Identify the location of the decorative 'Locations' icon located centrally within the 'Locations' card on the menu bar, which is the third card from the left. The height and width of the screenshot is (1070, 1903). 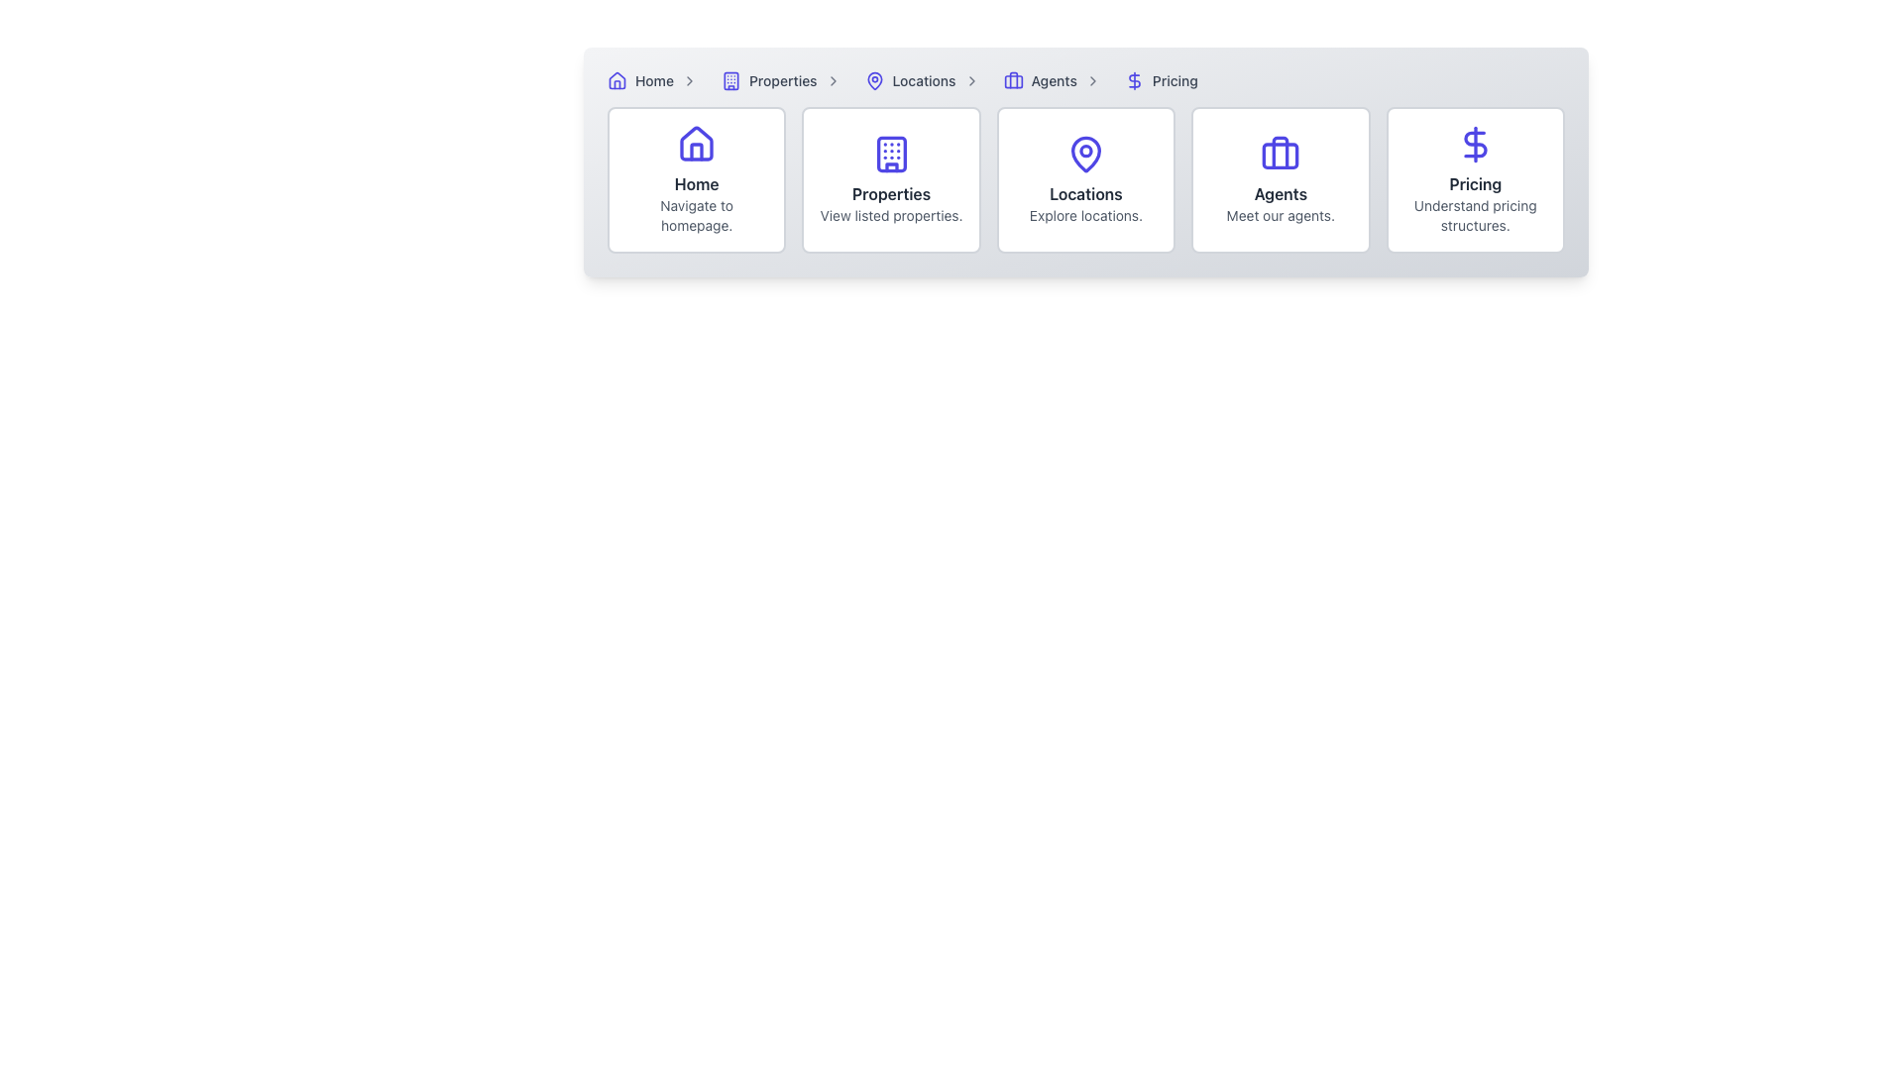
(1084, 153).